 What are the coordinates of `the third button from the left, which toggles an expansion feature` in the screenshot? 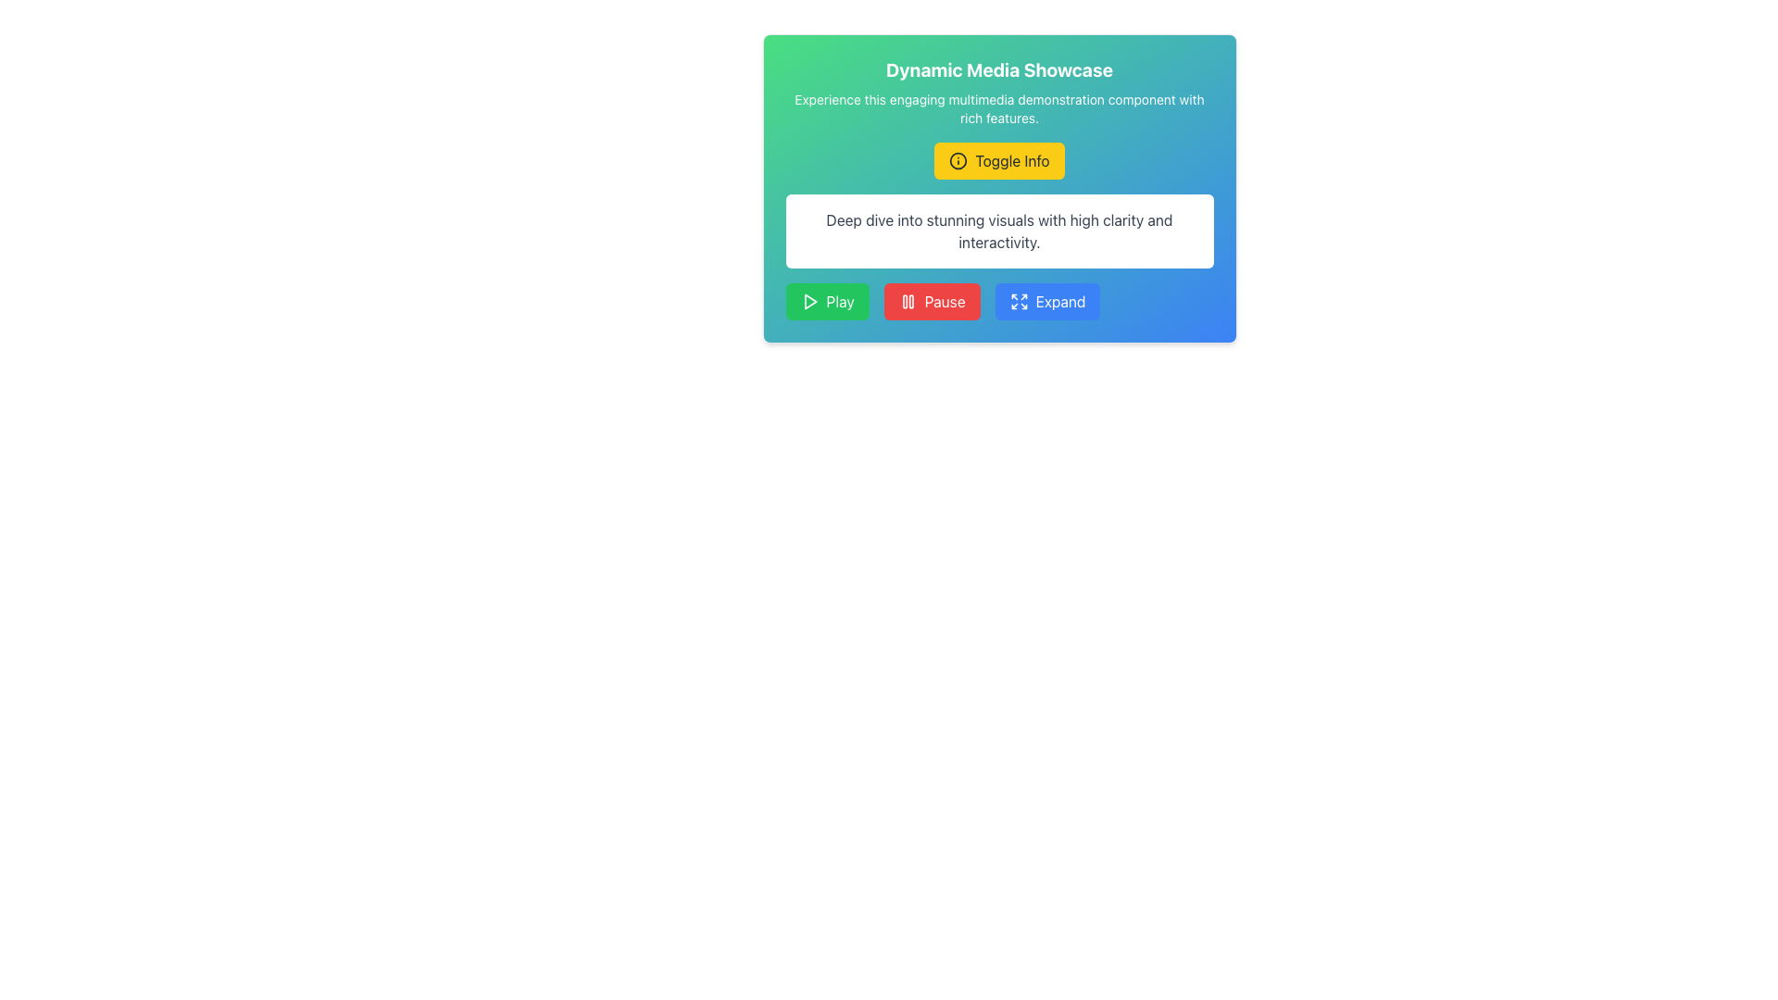 It's located at (1047, 301).